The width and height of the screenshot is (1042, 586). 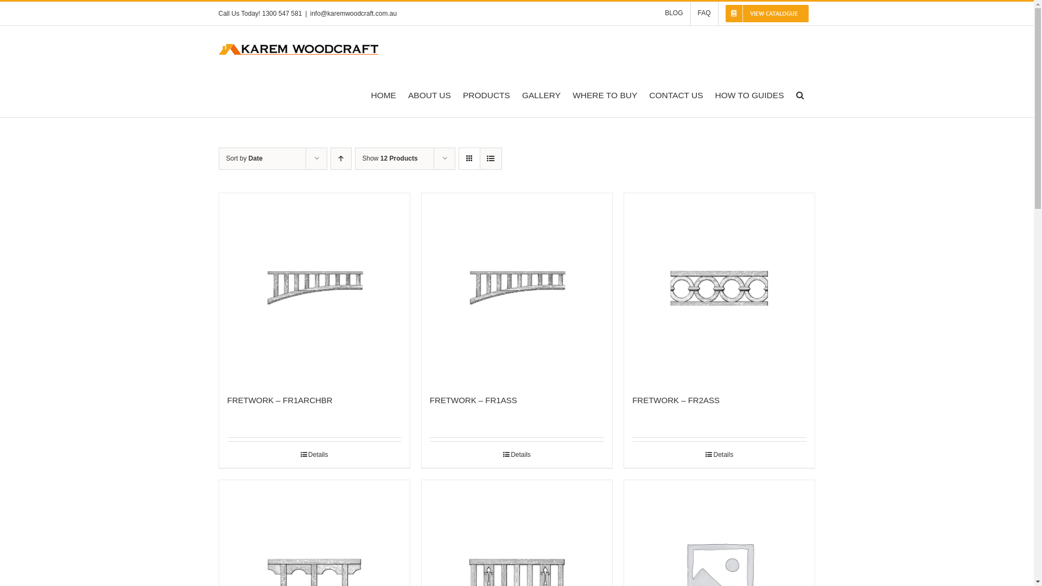 What do you see at coordinates (516, 454) in the screenshot?
I see `'Details'` at bounding box center [516, 454].